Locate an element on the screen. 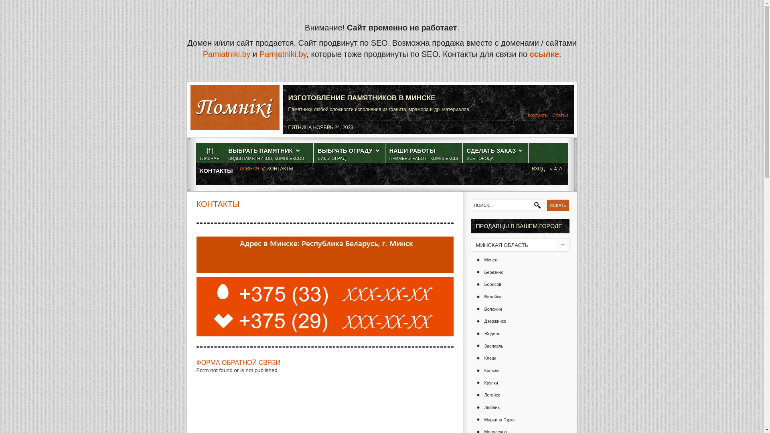  'Pamjatniki.by' is located at coordinates (283, 54).